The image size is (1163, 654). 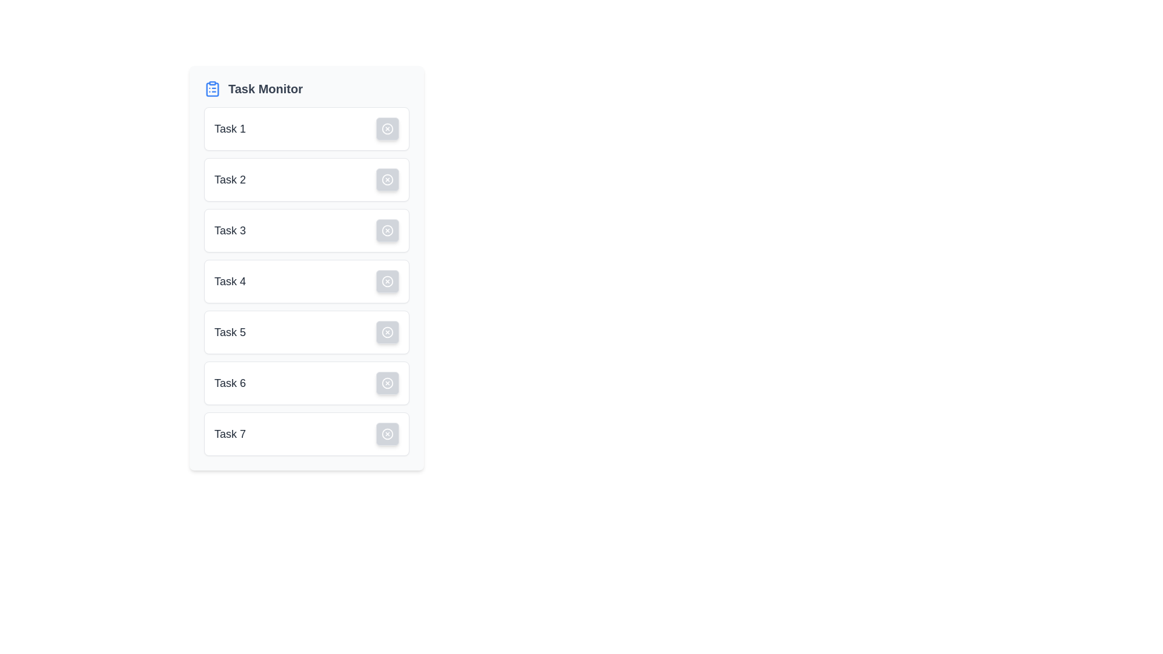 What do you see at coordinates (386, 434) in the screenshot?
I see `the delete or close icon button associated with 'Task 7'` at bounding box center [386, 434].